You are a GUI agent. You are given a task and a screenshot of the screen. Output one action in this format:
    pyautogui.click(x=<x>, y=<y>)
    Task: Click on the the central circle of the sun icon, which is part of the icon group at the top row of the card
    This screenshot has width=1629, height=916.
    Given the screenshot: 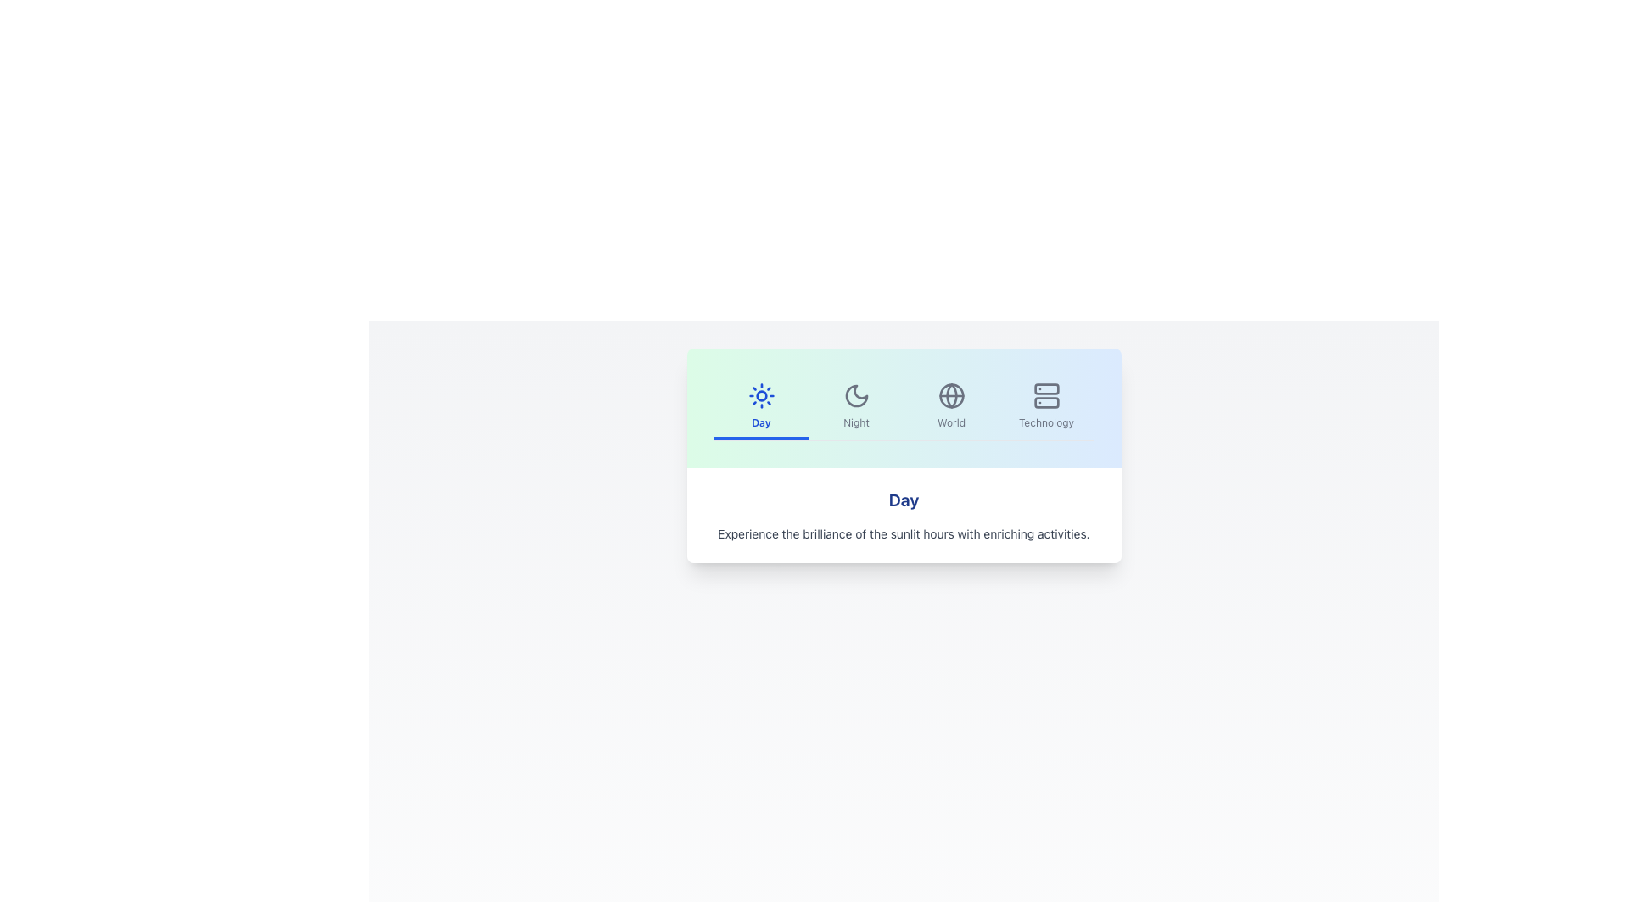 What is the action you would take?
    pyautogui.click(x=760, y=395)
    